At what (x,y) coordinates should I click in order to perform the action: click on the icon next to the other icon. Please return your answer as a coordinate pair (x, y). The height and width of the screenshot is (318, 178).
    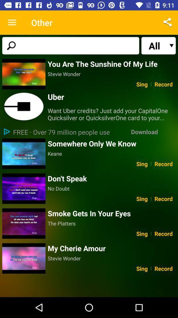
    Looking at the image, I should click on (12, 23).